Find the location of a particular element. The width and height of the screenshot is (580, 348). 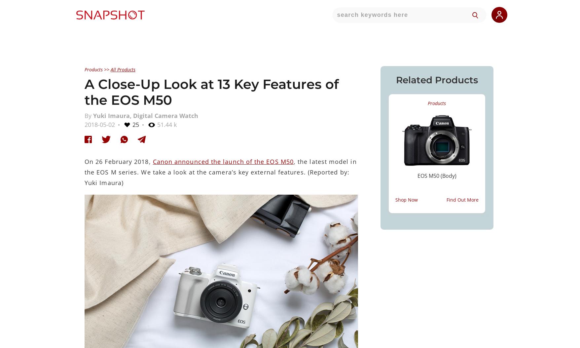

'Landscape Photography' is located at coordinates (408, 182).